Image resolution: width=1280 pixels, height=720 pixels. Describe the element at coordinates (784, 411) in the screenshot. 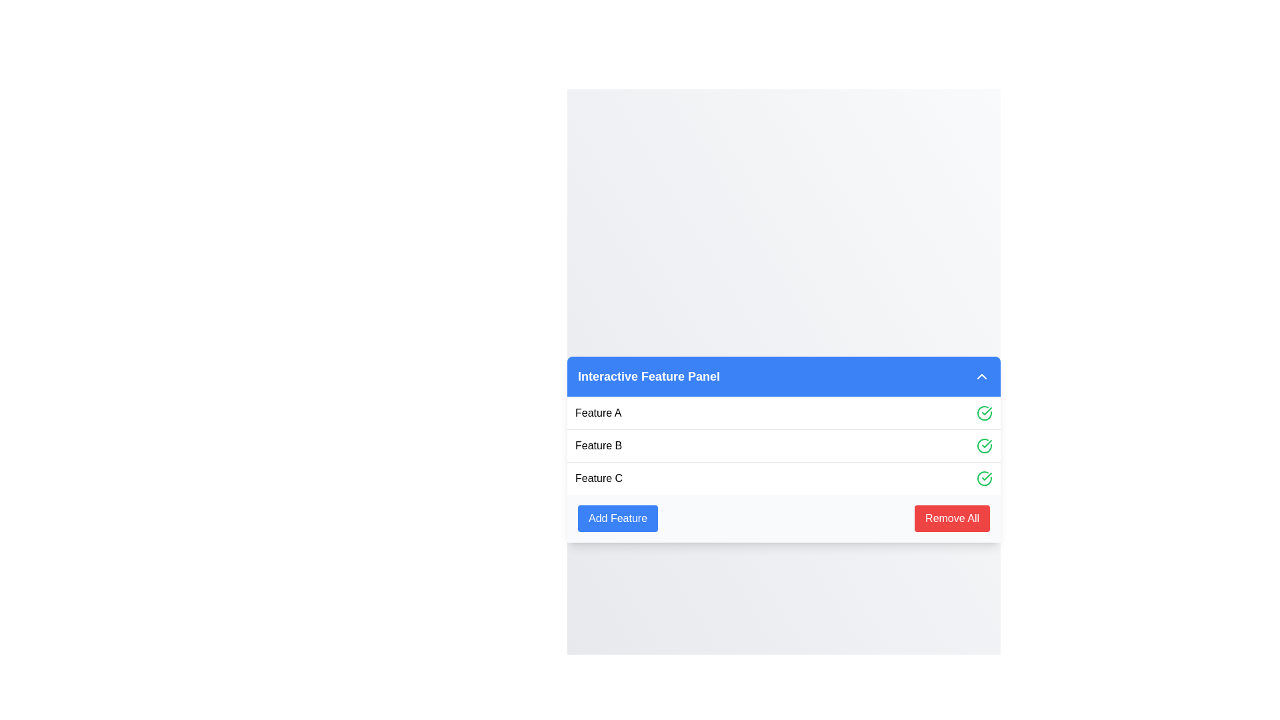

I see `the first selectable feature option in the 'Interactive Feature Panel'` at that location.